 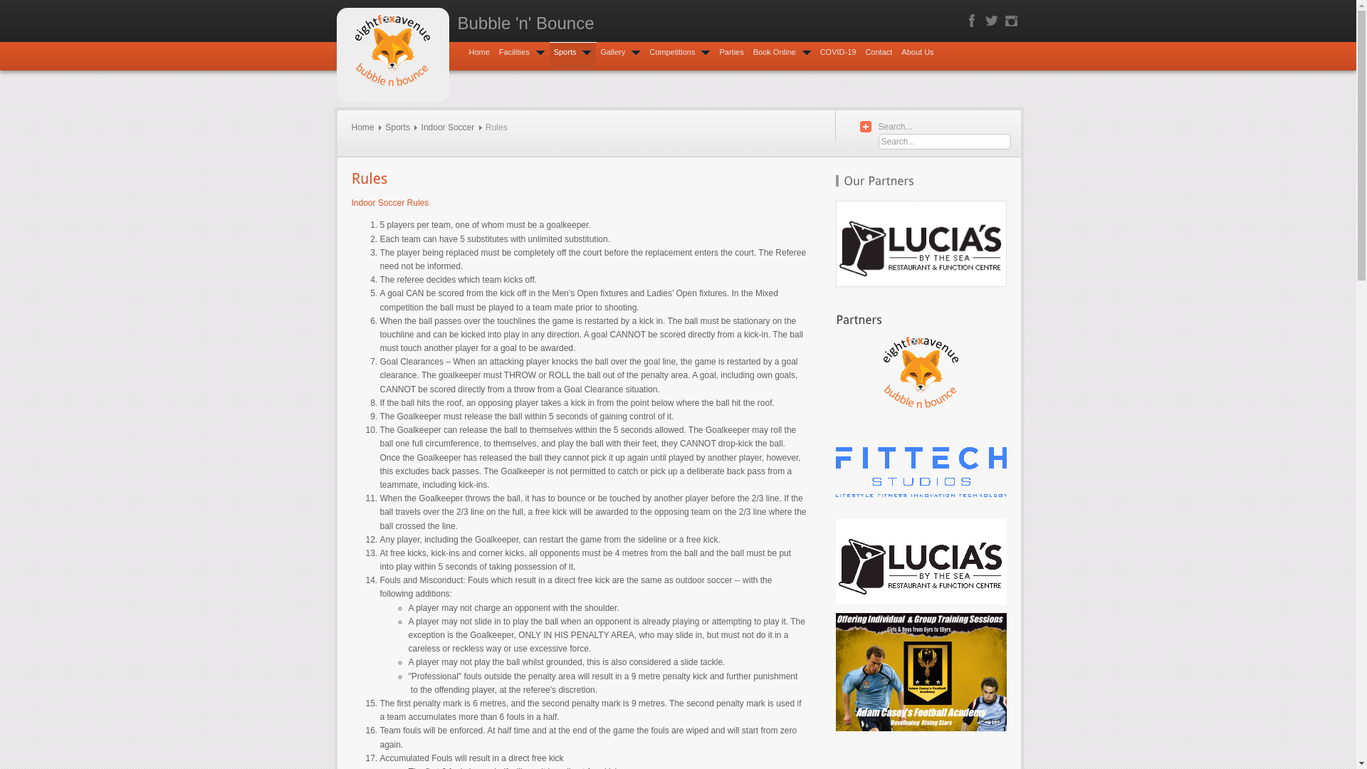 What do you see at coordinates (781, 56) in the screenshot?
I see `'Book Online'` at bounding box center [781, 56].